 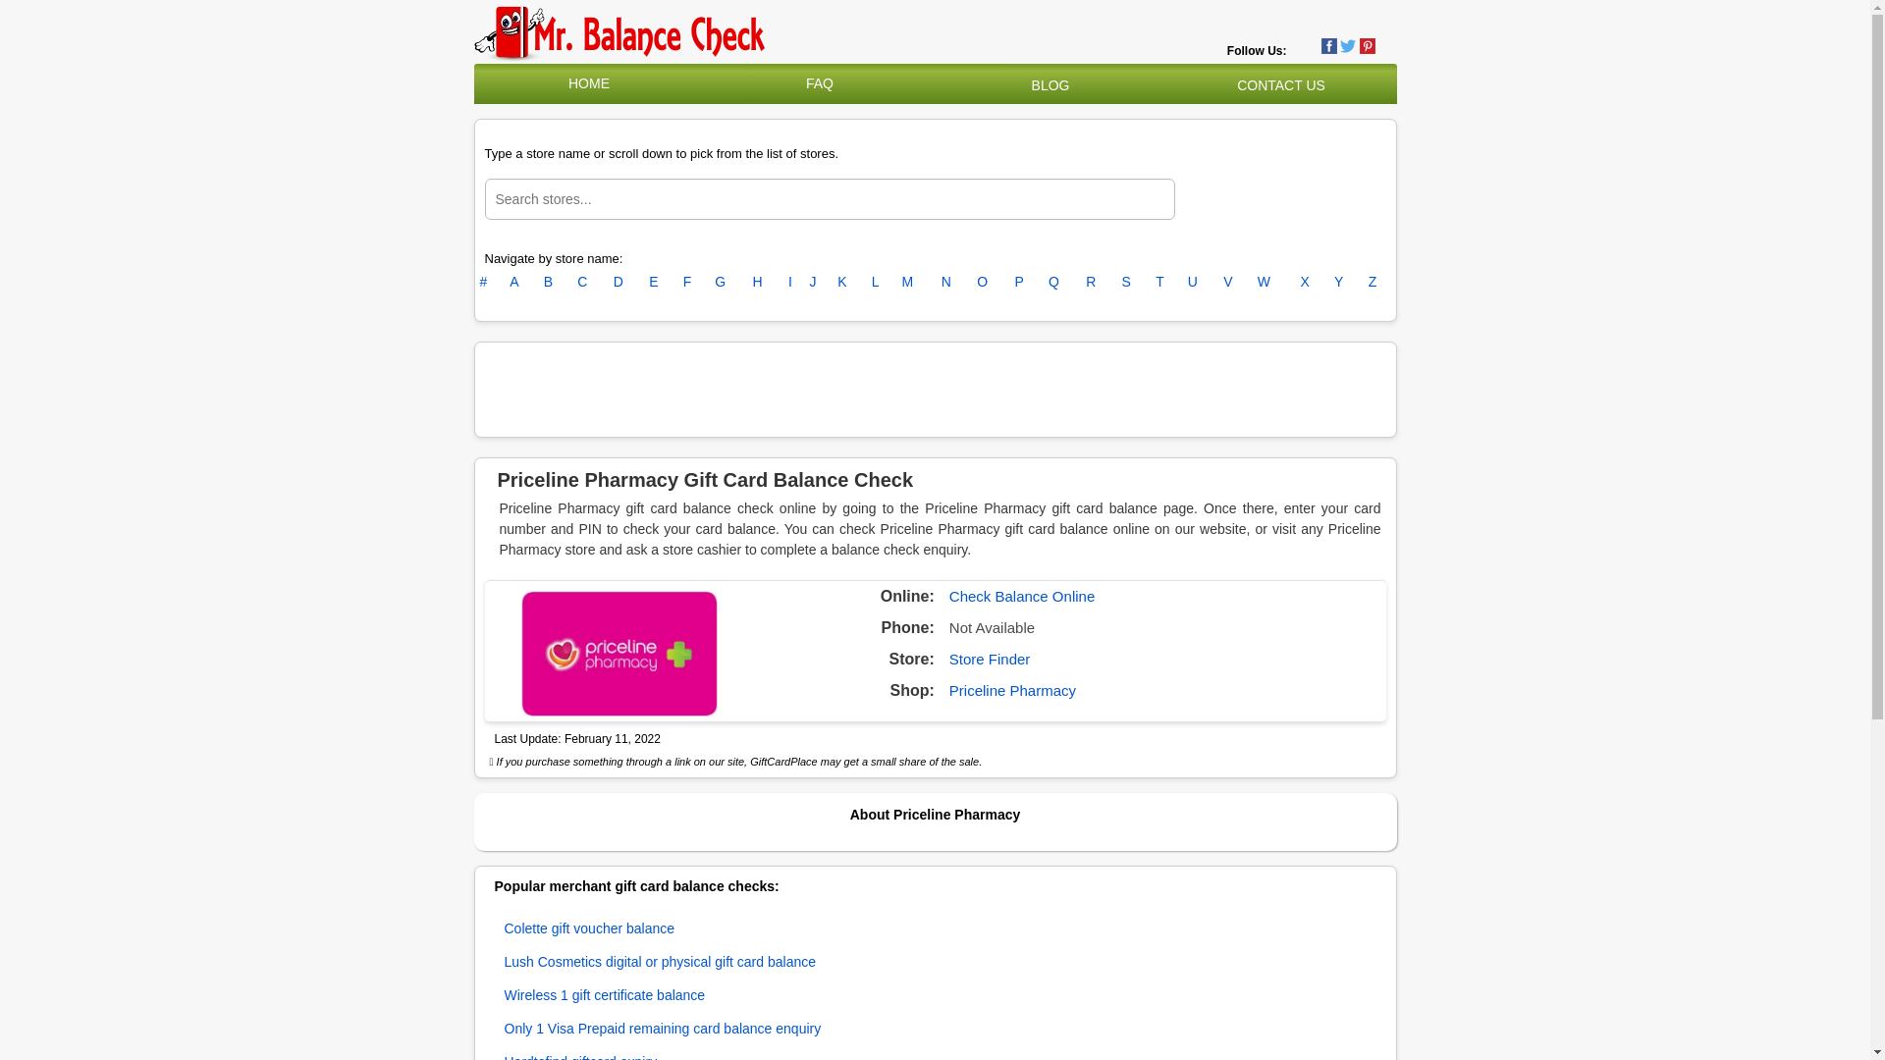 I want to click on 'Store Finder', so click(x=990, y=659).